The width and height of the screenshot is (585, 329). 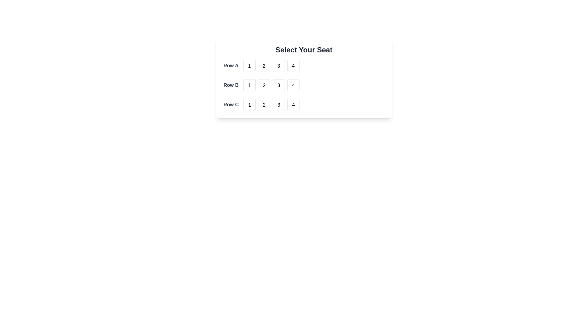 What do you see at coordinates (231, 85) in the screenshot?
I see `the Text Label that indicates the row of selectable buttons, positioned to the far left of the numbers 1, 2, 3, 4, approximately one-third down the page` at bounding box center [231, 85].